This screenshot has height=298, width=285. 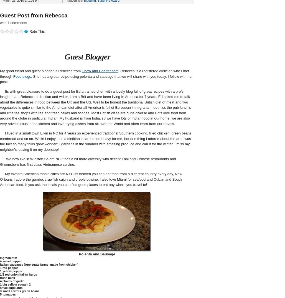 I want to click on 'with 7 comments', so click(x=0, y=22).